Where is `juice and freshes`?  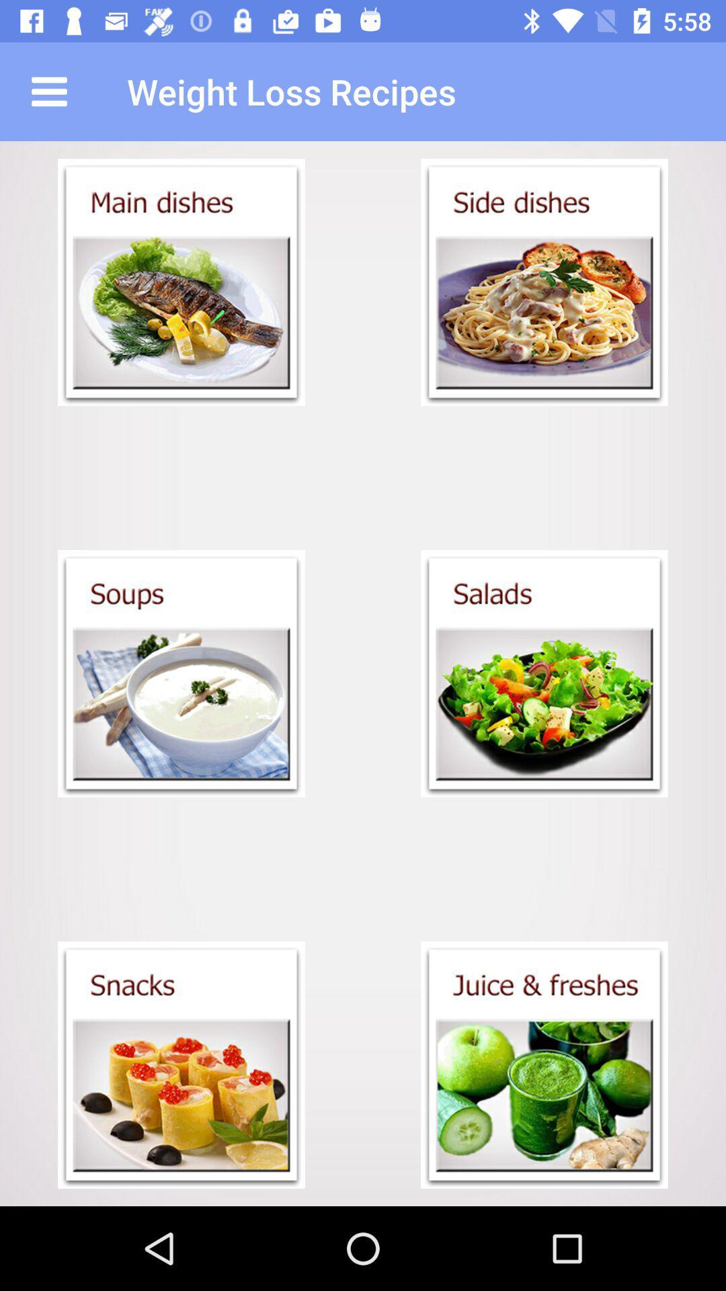 juice and freshes is located at coordinates (544, 1064).